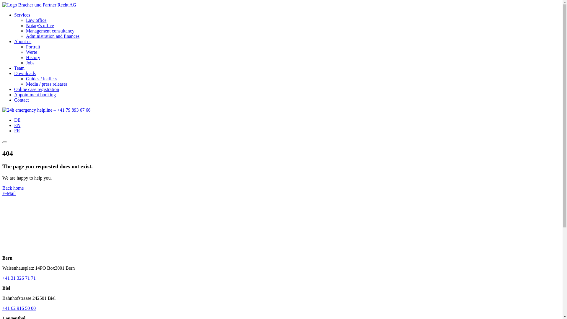  What do you see at coordinates (30, 63) in the screenshot?
I see `'Jobs'` at bounding box center [30, 63].